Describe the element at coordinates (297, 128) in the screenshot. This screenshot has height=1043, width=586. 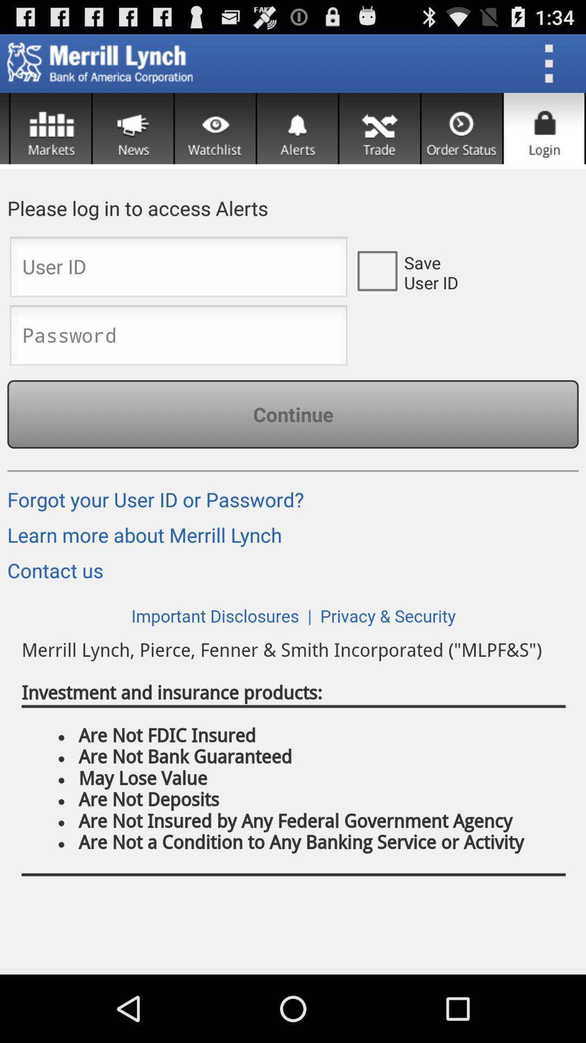
I see `alerts option` at that location.